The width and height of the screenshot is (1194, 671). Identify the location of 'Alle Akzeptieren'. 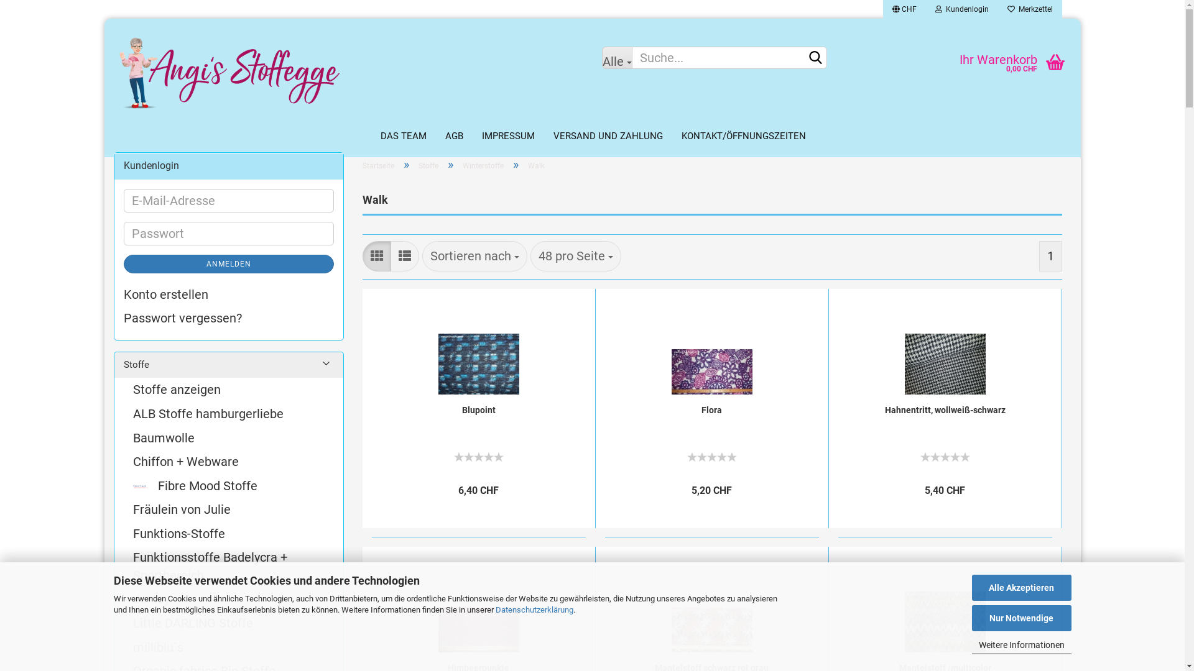
(970, 587).